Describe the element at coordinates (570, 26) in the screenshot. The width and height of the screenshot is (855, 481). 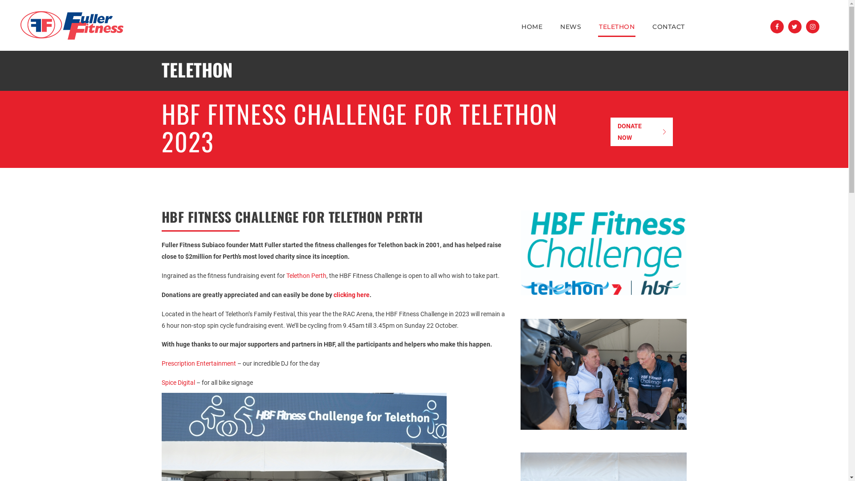
I see `'NEWS'` at that location.